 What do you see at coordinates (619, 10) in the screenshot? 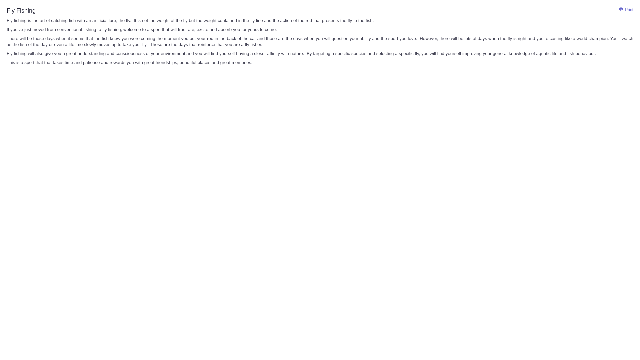
I see `'Print'` at bounding box center [619, 10].